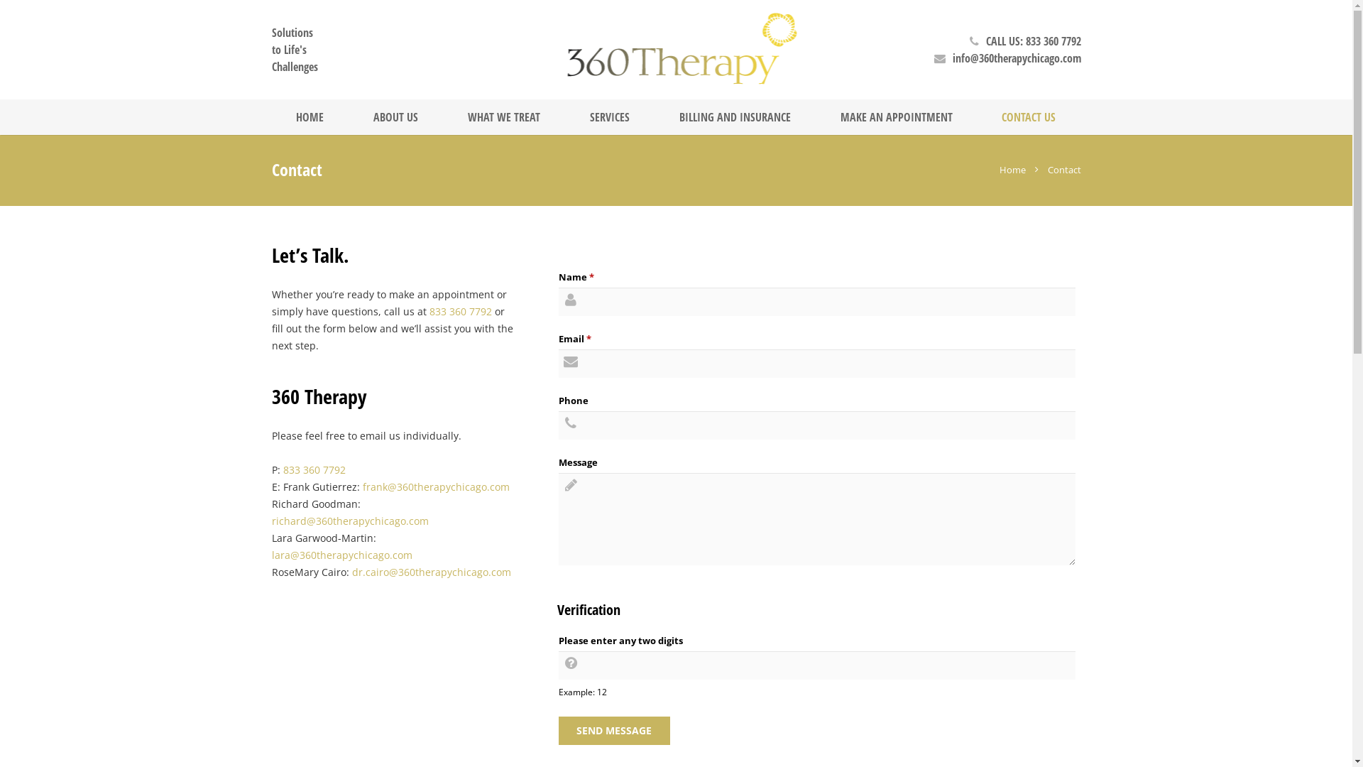 Image resolution: width=1363 pixels, height=767 pixels. I want to click on 'Home', so click(998, 169).